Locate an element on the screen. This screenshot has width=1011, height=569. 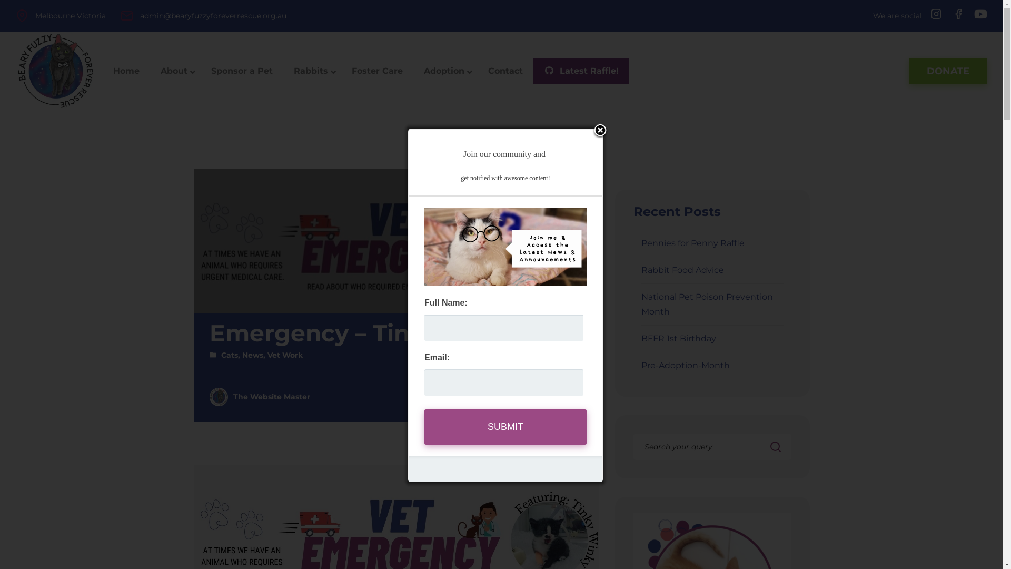
'Pre-Adoption-Month' is located at coordinates (685, 365).